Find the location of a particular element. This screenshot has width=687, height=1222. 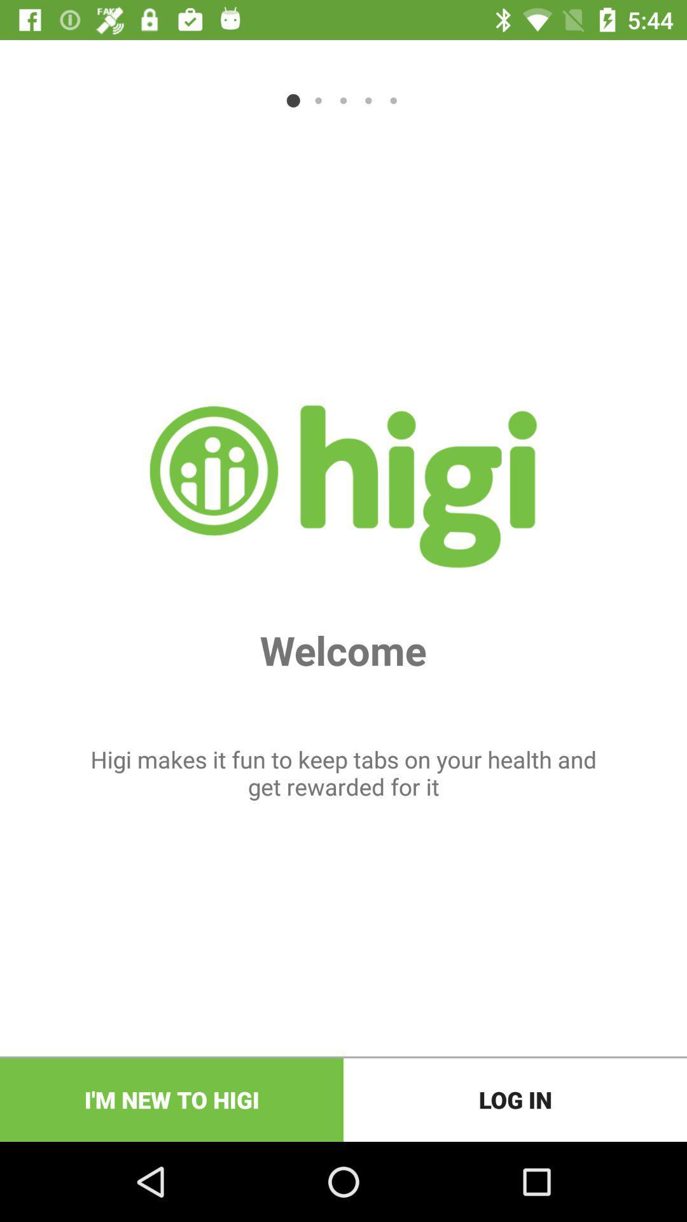

i m new item is located at coordinates (172, 1099).